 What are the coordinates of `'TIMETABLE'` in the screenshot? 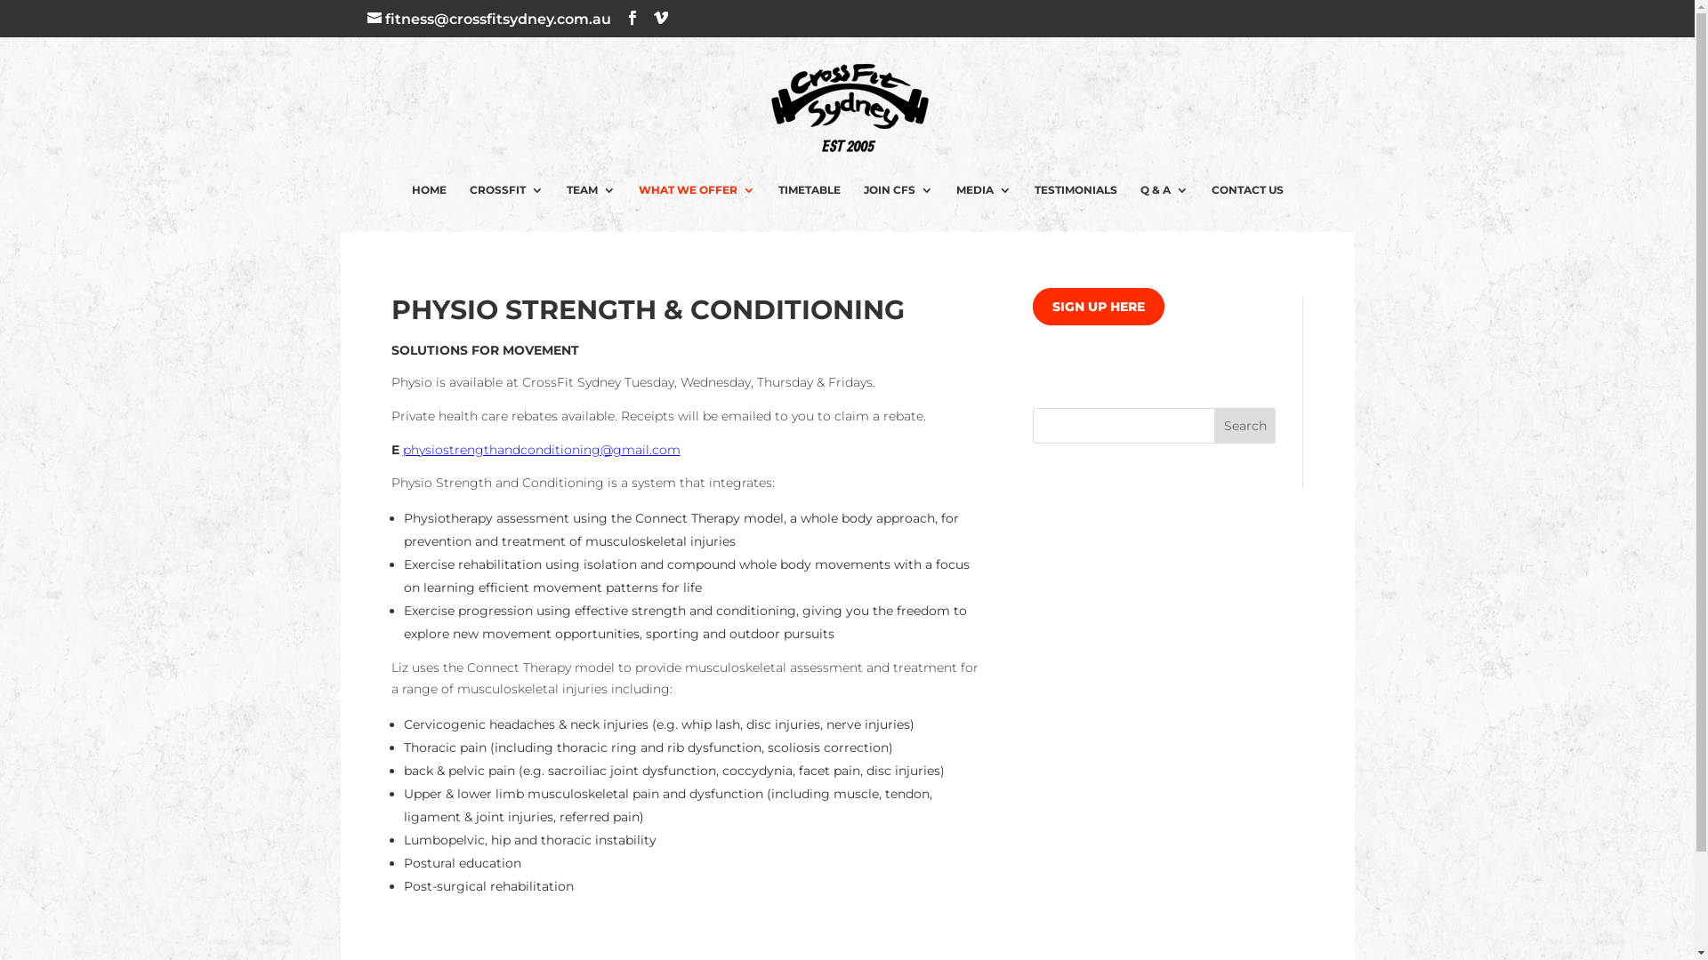 It's located at (807, 195).